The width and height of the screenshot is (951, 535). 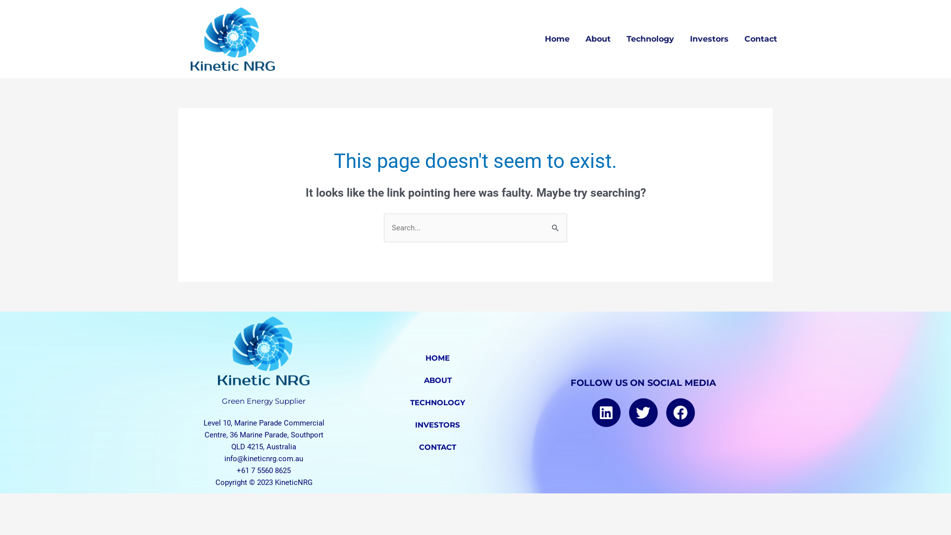 I want to click on 'Technology', so click(x=650, y=38).